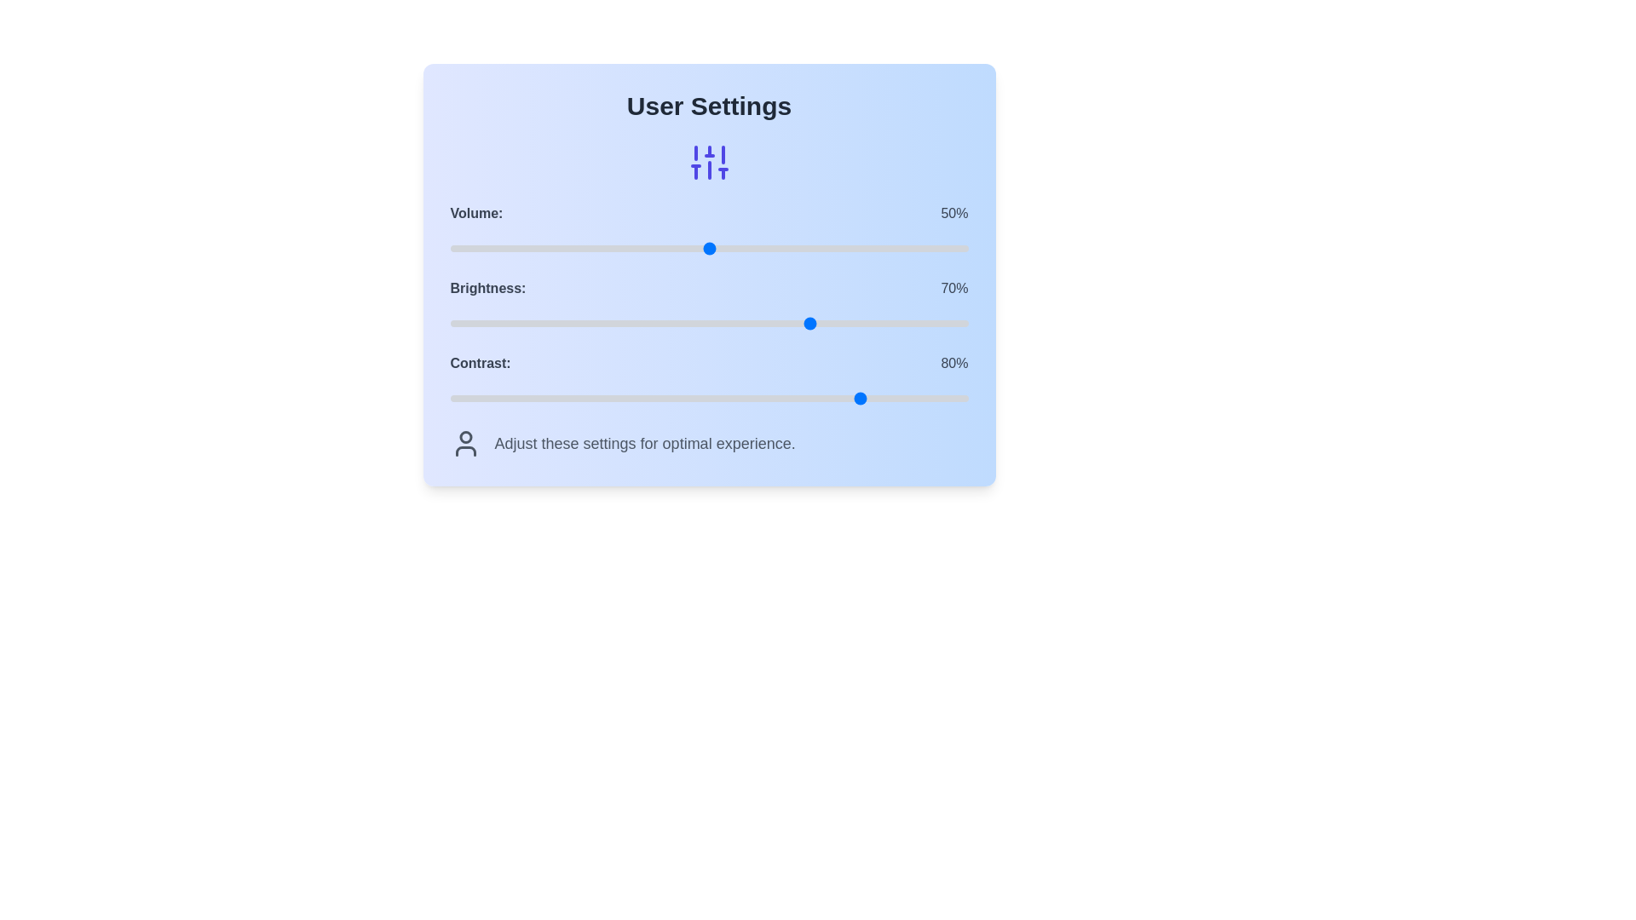 The width and height of the screenshot is (1636, 920). Describe the element at coordinates (450, 324) in the screenshot. I see `the brightness level` at that location.